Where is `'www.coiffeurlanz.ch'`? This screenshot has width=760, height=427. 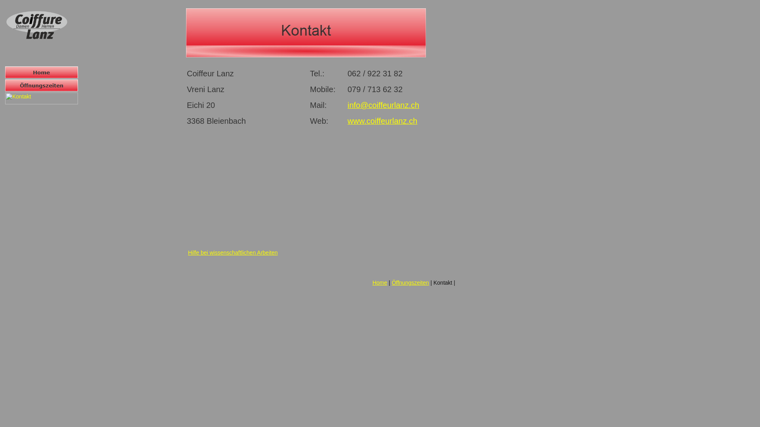
'www.coiffeurlanz.ch' is located at coordinates (348, 122).